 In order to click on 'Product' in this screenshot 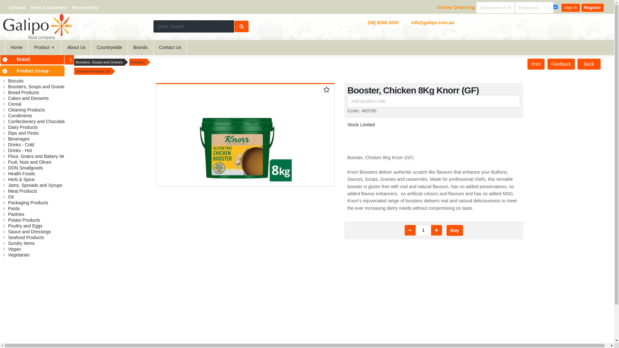, I will do `click(44, 47)`.